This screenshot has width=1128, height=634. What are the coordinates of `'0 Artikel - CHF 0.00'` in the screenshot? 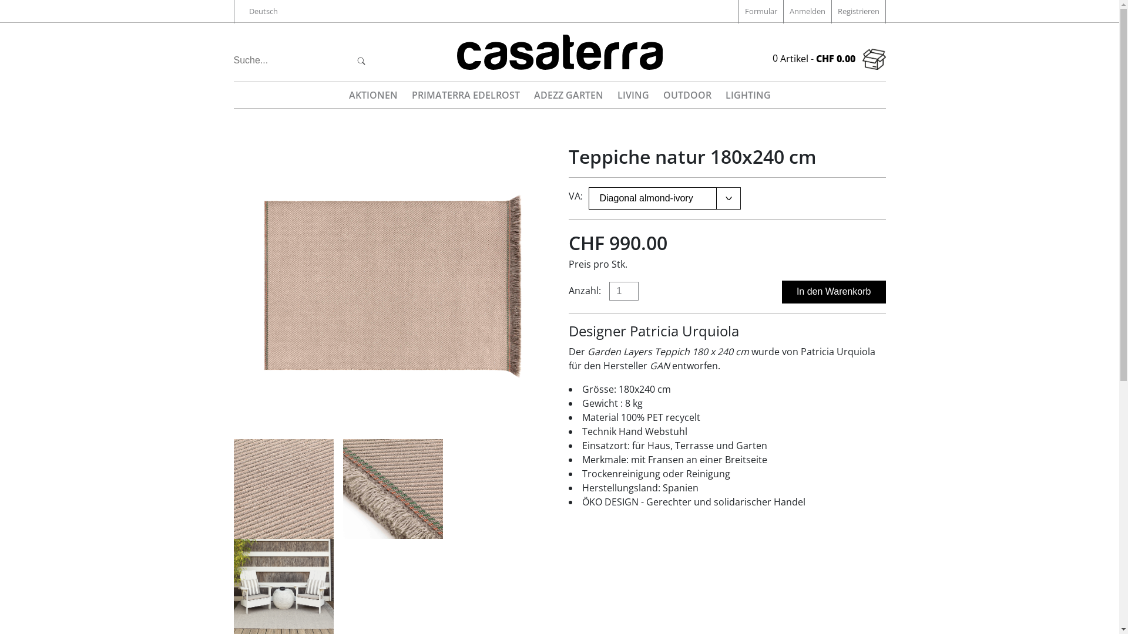 It's located at (828, 59).